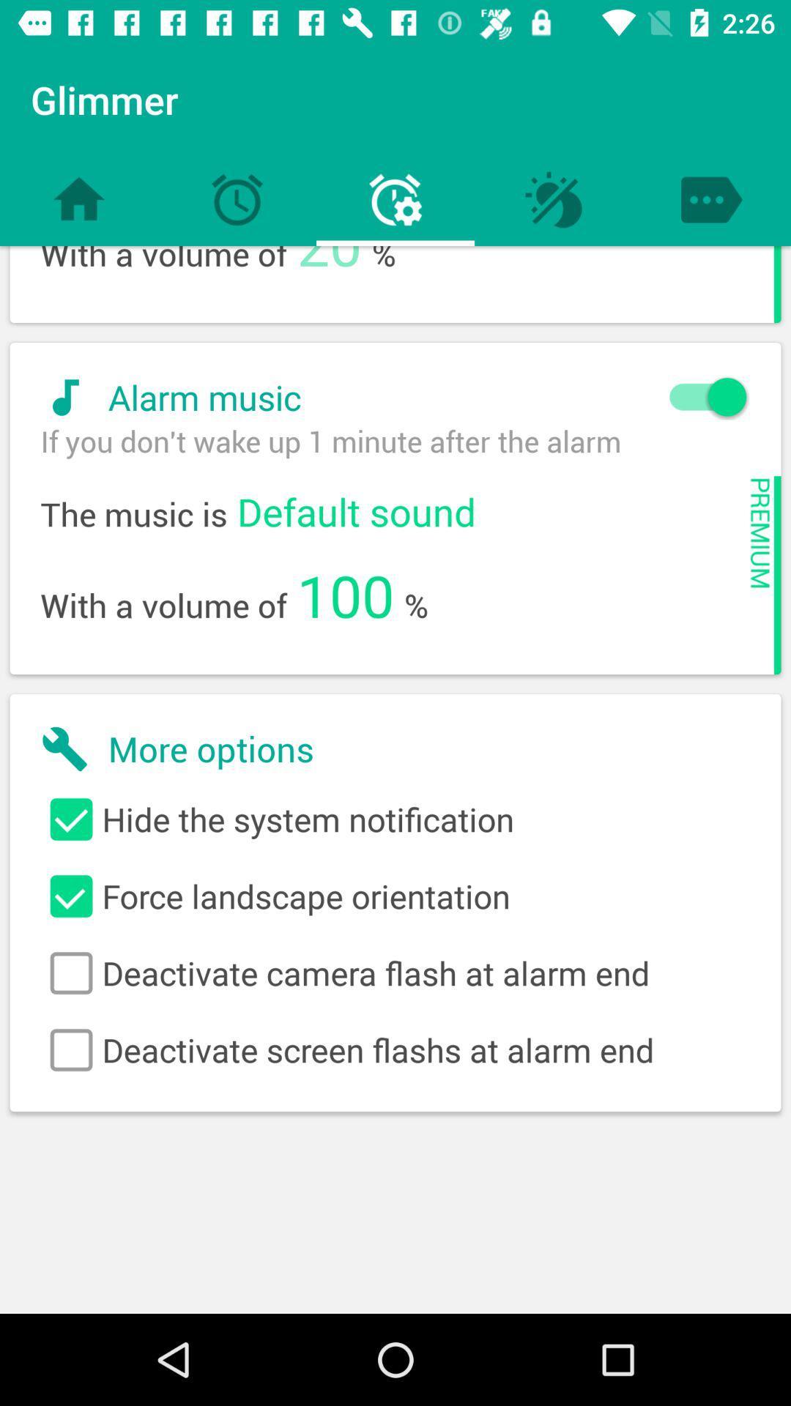 The height and width of the screenshot is (1406, 791). Describe the element at coordinates (356, 511) in the screenshot. I see `default sound item` at that location.